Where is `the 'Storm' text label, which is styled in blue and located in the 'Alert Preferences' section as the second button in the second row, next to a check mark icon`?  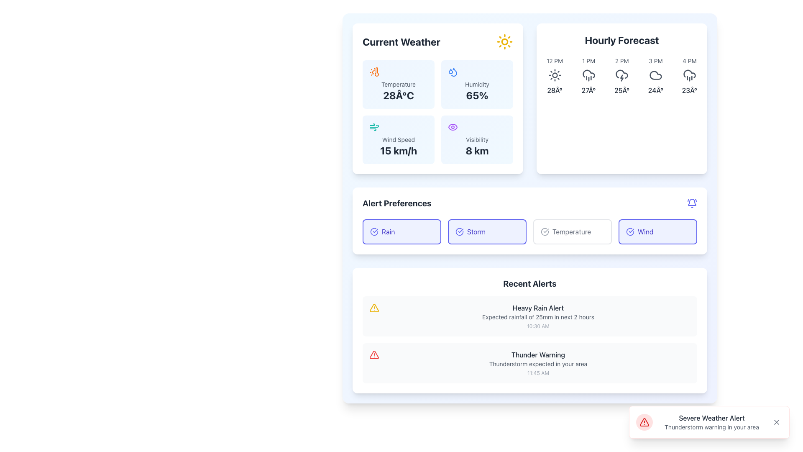
the 'Storm' text label, which is styled in blue and located in the 'Alert Preferences' section as the second button in the second row, next to a check mark icon is located at coordinates (476, 232).